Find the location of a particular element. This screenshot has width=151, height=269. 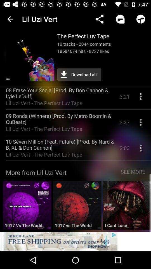

open 1017 vs the world album is located at coordinates (27, 207).